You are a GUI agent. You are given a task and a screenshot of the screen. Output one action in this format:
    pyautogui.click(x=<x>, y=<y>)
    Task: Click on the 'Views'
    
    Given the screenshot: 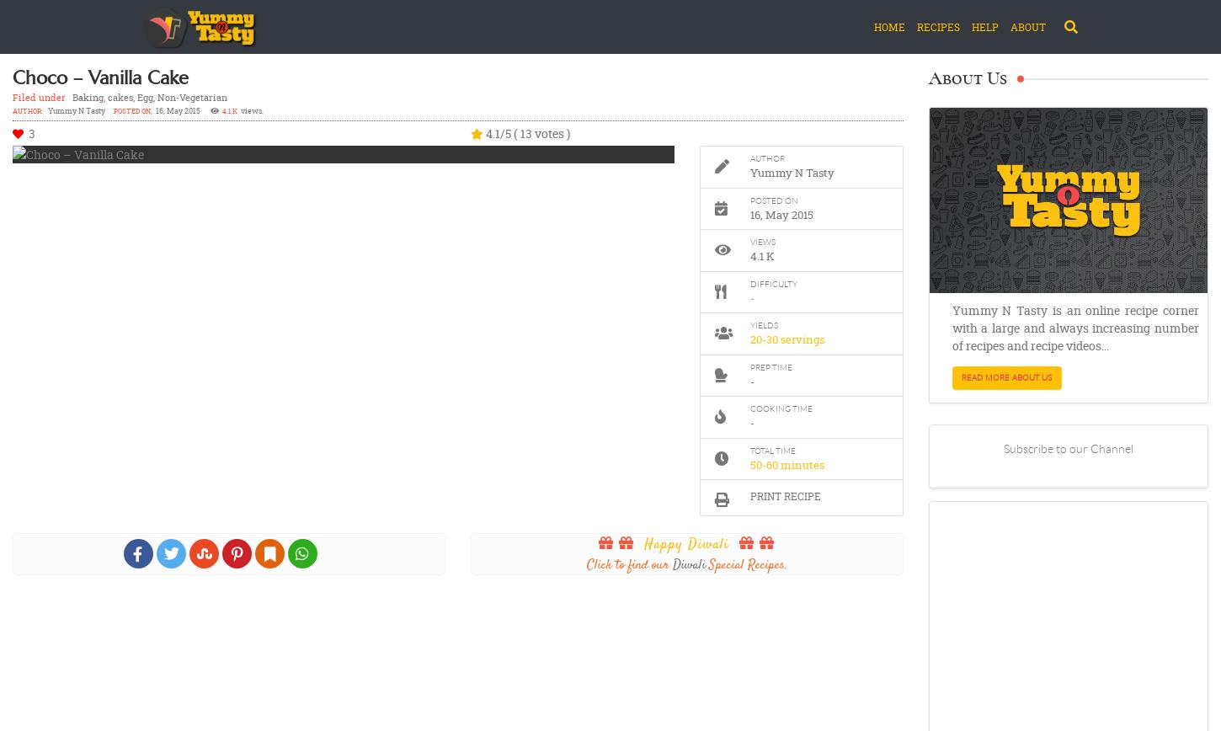 What is the action you would take?
    pyautogui.click(x=760, y=242)
    